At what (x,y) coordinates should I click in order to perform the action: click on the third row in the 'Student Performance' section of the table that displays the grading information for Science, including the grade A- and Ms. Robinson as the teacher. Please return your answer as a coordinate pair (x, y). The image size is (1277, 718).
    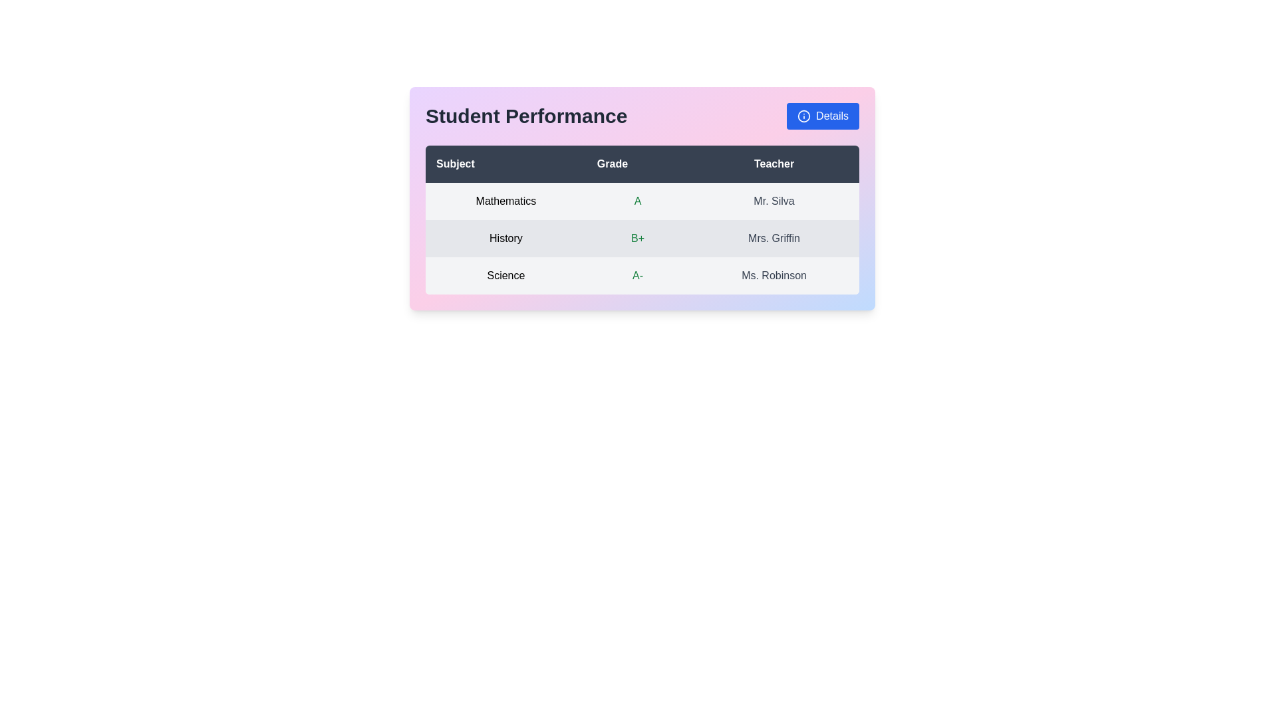
    Looking at the image, I should click on (642, 275).